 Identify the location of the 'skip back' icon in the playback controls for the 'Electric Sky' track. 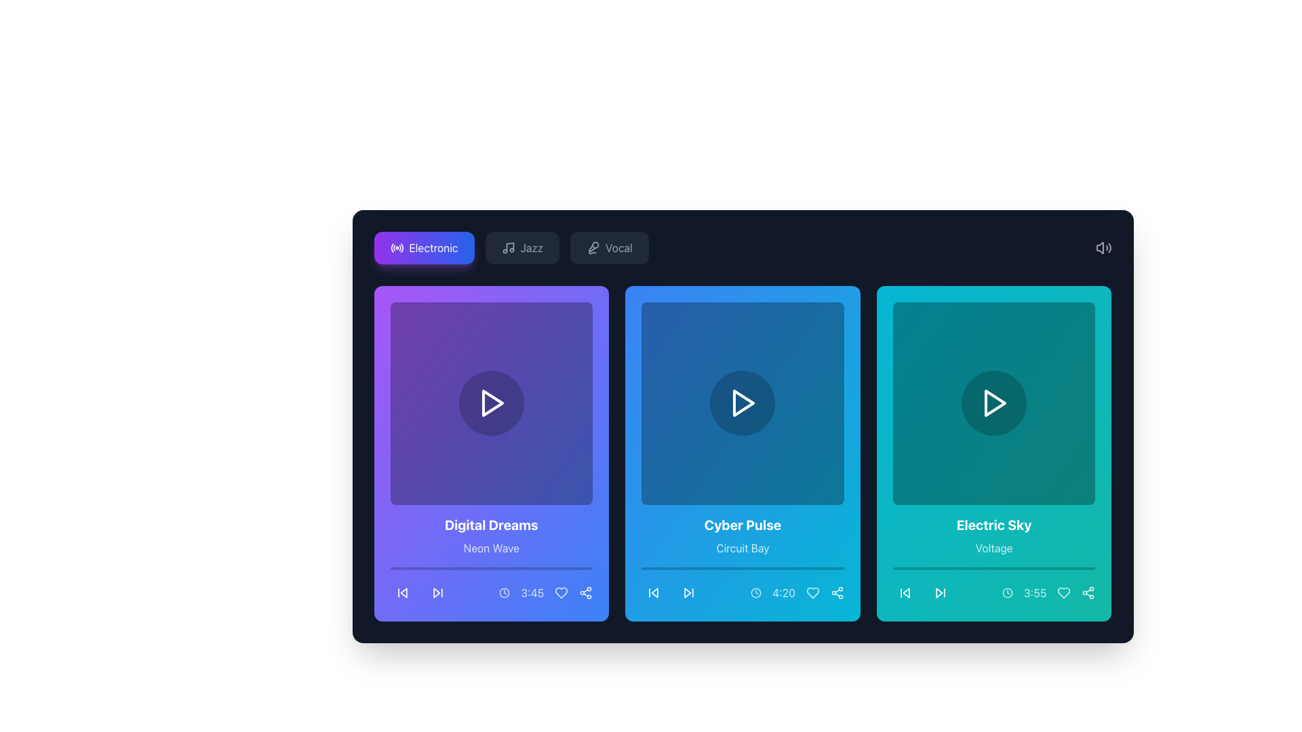
(906, 592).